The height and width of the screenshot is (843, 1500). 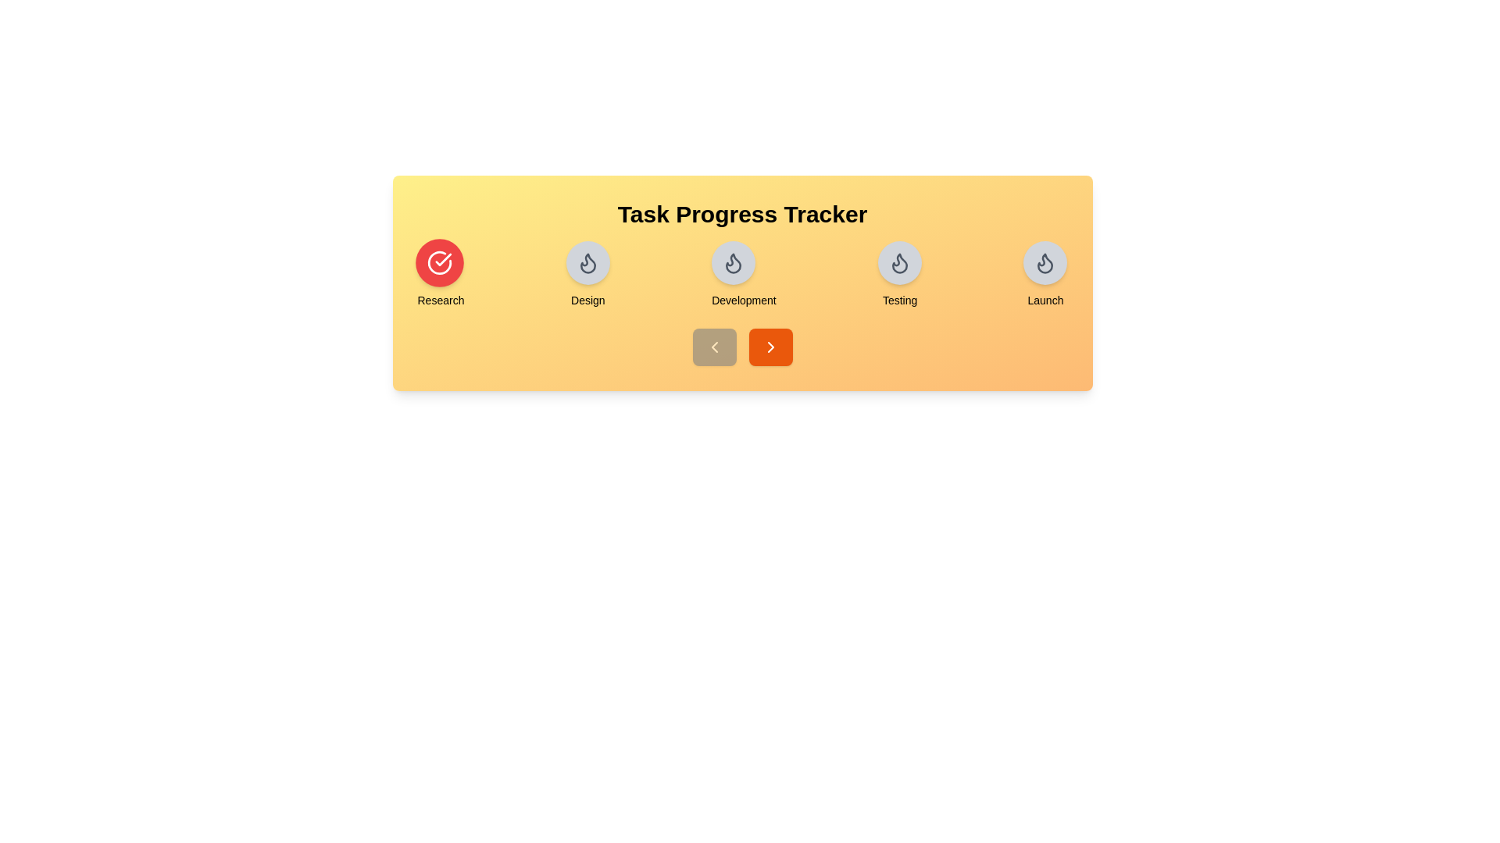 What do you see at coordinates (587, 262) in the screenshot?
I see `the 'Design' stage icon in the task progress tracker, which is the second circular icon from the left in the top row of icons` at bounding box center [587, 262].